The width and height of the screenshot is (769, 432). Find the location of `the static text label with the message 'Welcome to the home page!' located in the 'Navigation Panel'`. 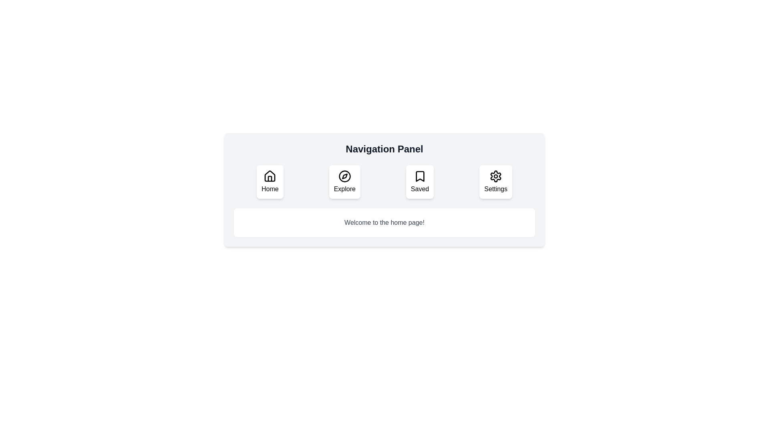

the static text label with the message 'Welcome to the home page!' located in the 'Navigation Panel' is located at coordinates (384, 222).